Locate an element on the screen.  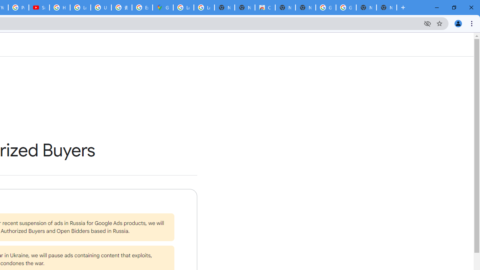
'New Tab' is located at coordinates (387, 7).